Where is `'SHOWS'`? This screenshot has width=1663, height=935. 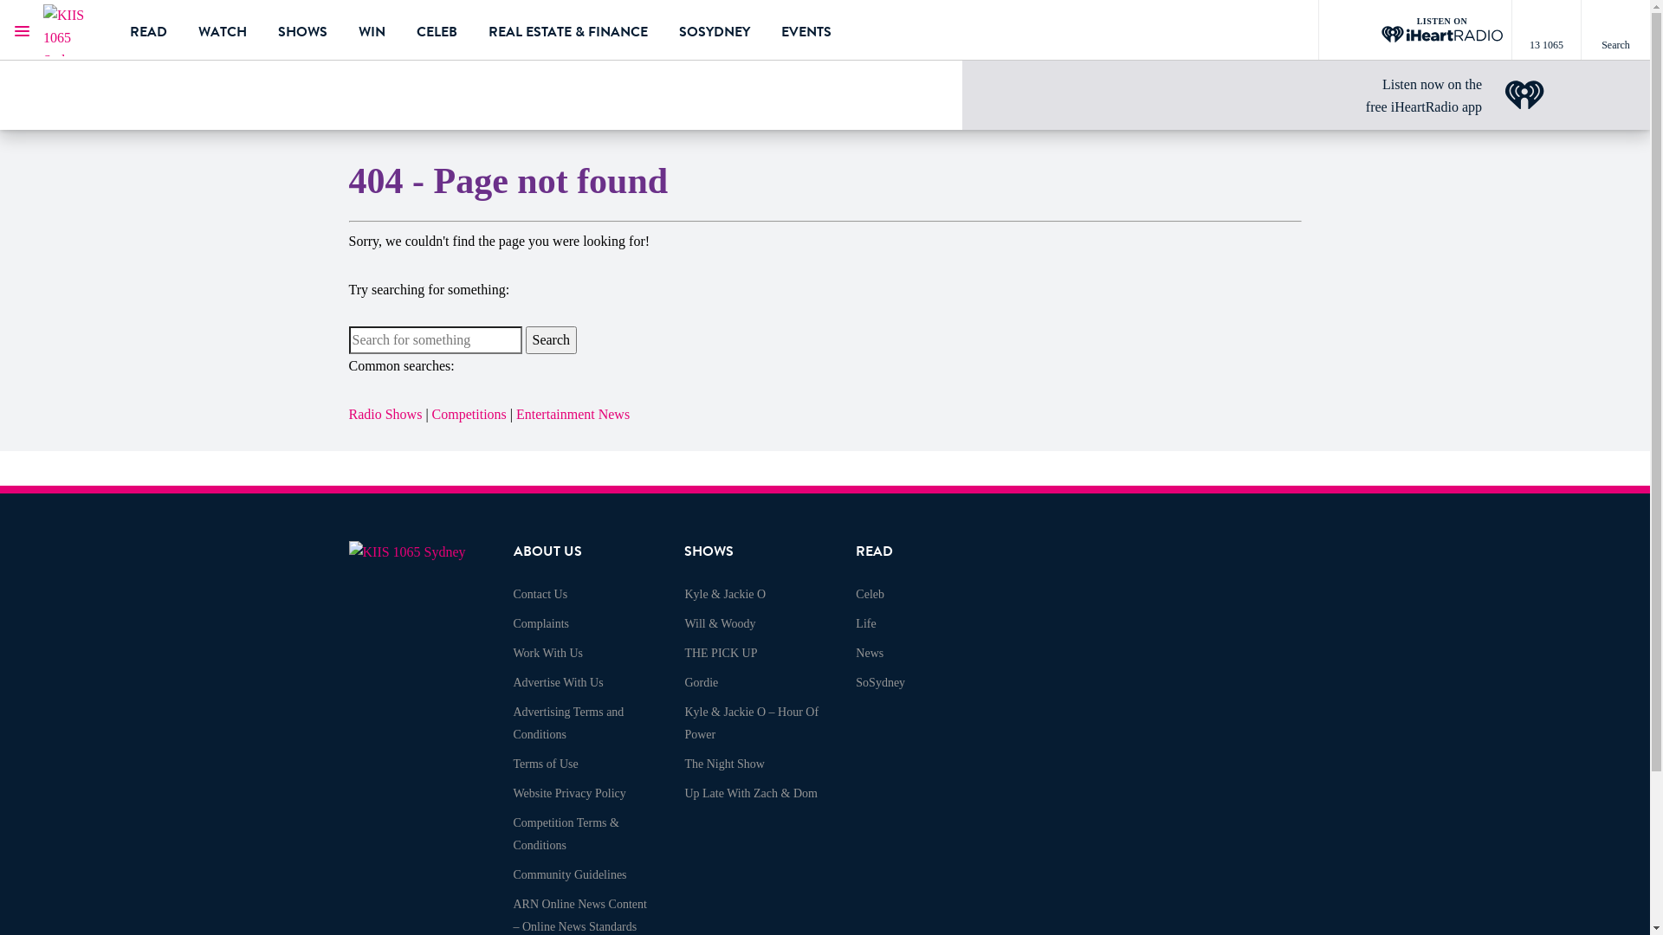
'SHOWS' is located at coordinates (302, 29).